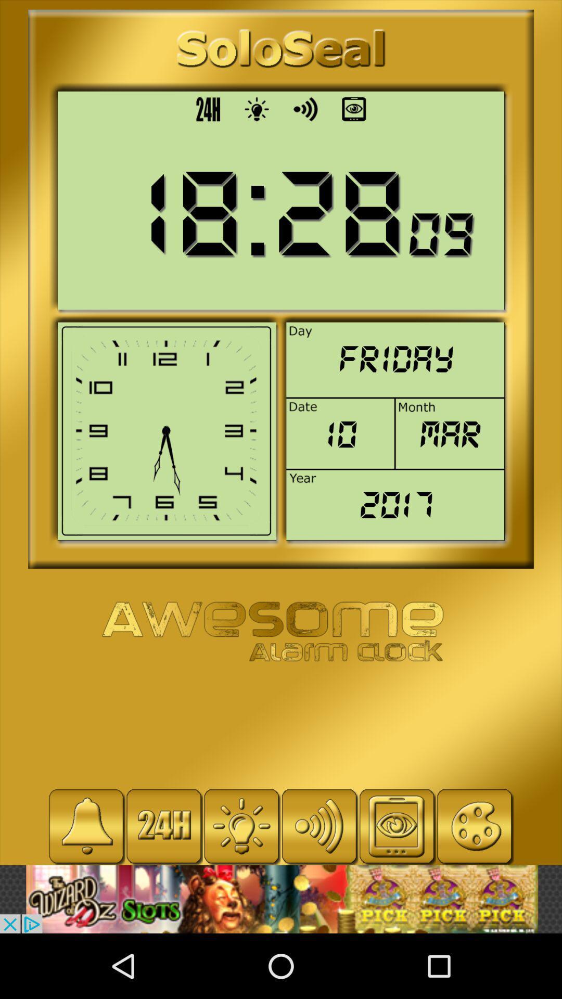 The image size is (562, 999). I want to click on notification, so click(86, 826).